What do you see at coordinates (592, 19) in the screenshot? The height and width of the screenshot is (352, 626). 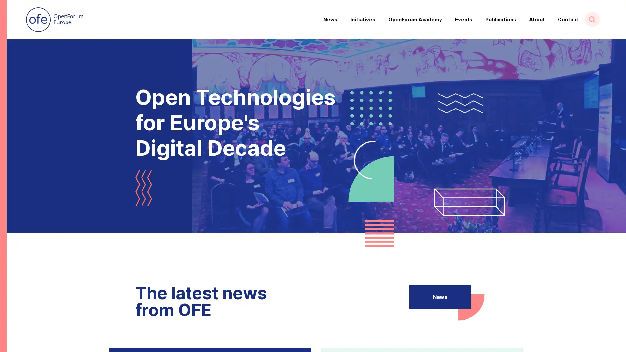 I see `Show search form` at bounding box center [592, 19].